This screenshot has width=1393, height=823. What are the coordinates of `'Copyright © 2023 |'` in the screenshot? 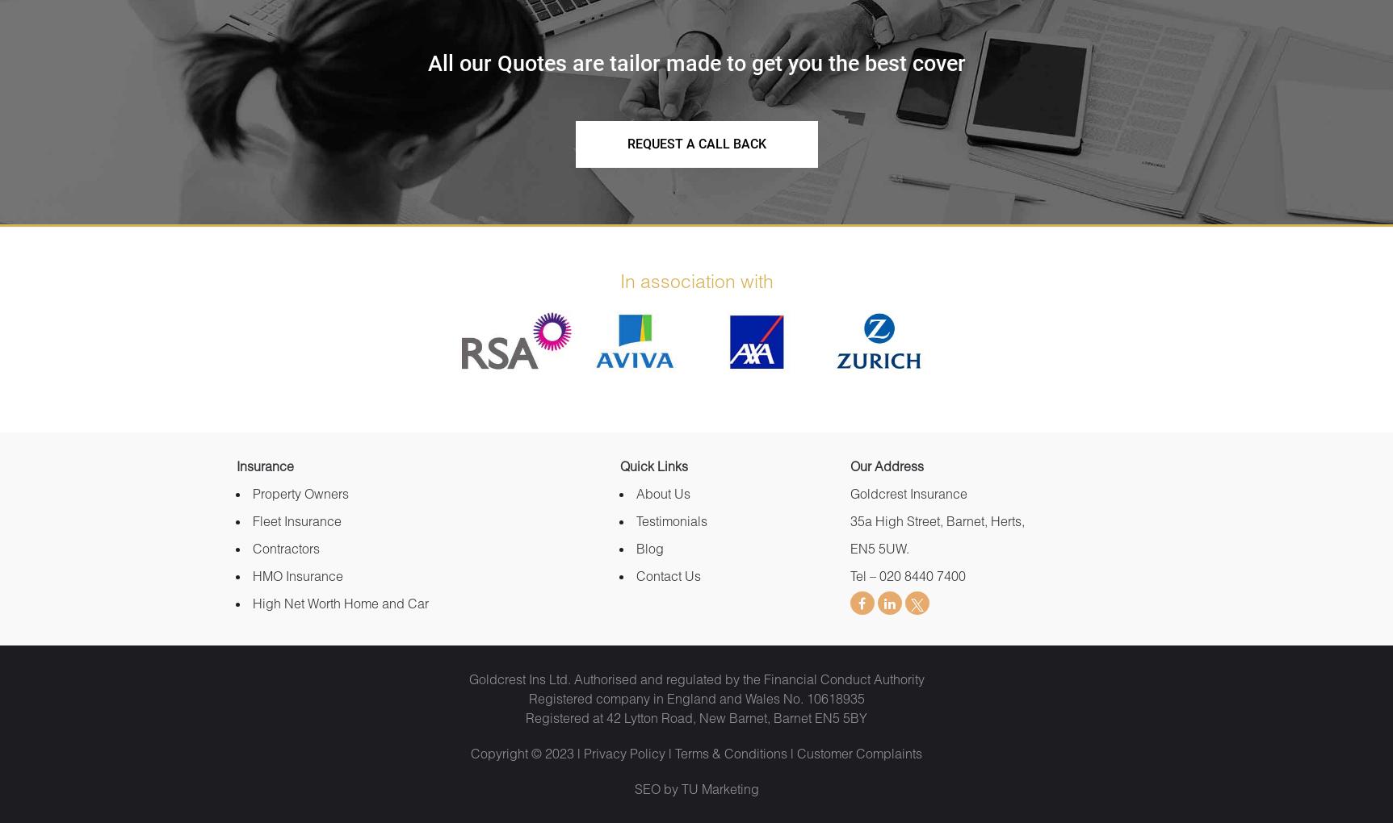 It's located at (527, 753).